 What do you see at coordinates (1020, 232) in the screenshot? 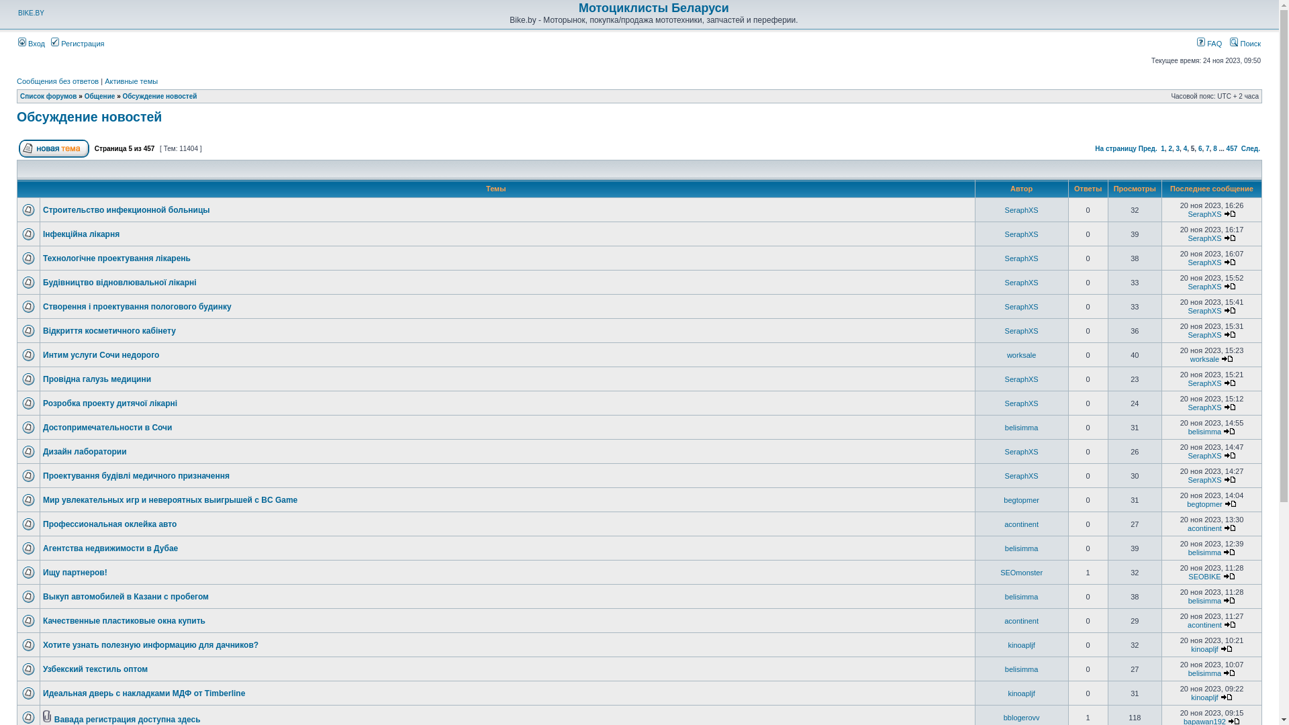
I see `'SeraphXS'` at bounding box center [1020, 232].